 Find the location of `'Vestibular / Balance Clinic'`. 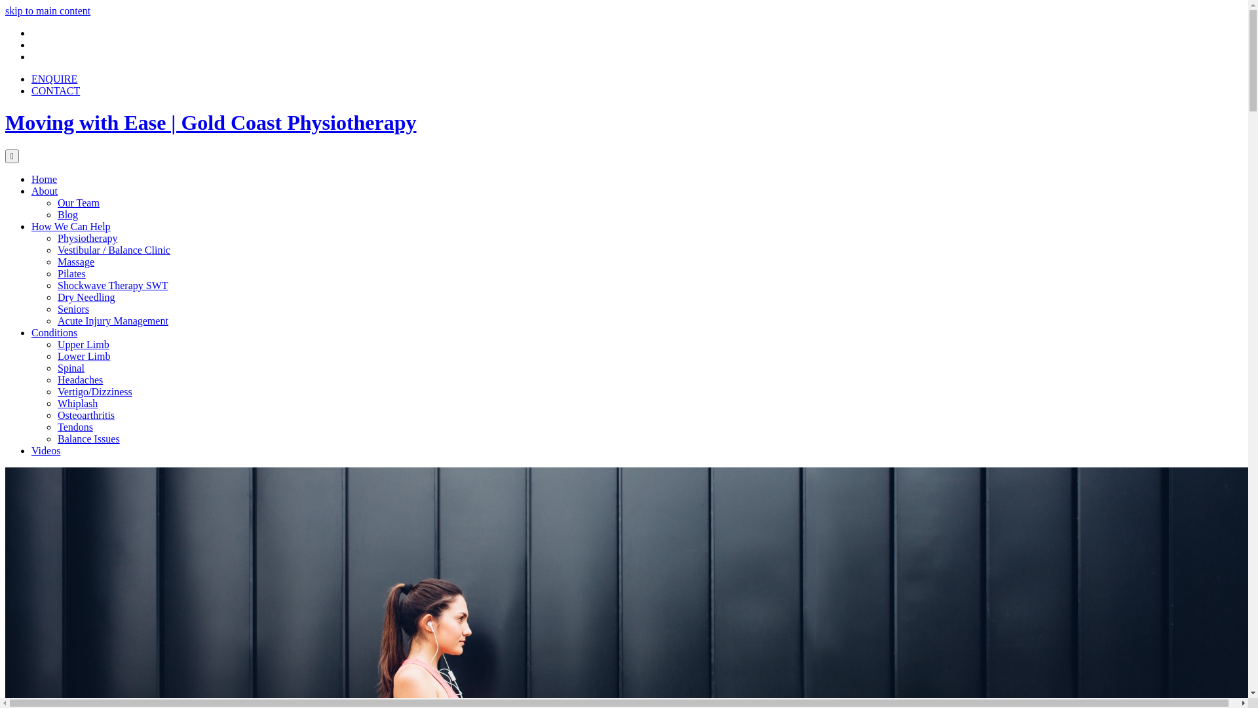

'Vestibular / Balance Clinic' is located at coordinates (113, 250).